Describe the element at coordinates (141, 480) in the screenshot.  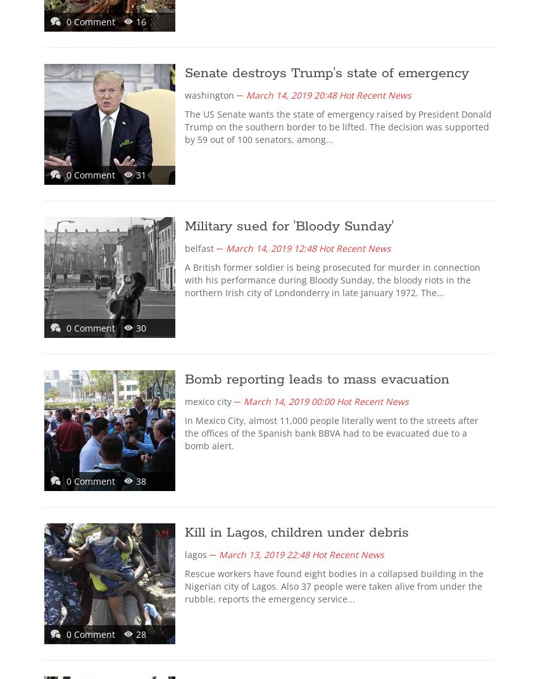
I see `'38'` at that location.